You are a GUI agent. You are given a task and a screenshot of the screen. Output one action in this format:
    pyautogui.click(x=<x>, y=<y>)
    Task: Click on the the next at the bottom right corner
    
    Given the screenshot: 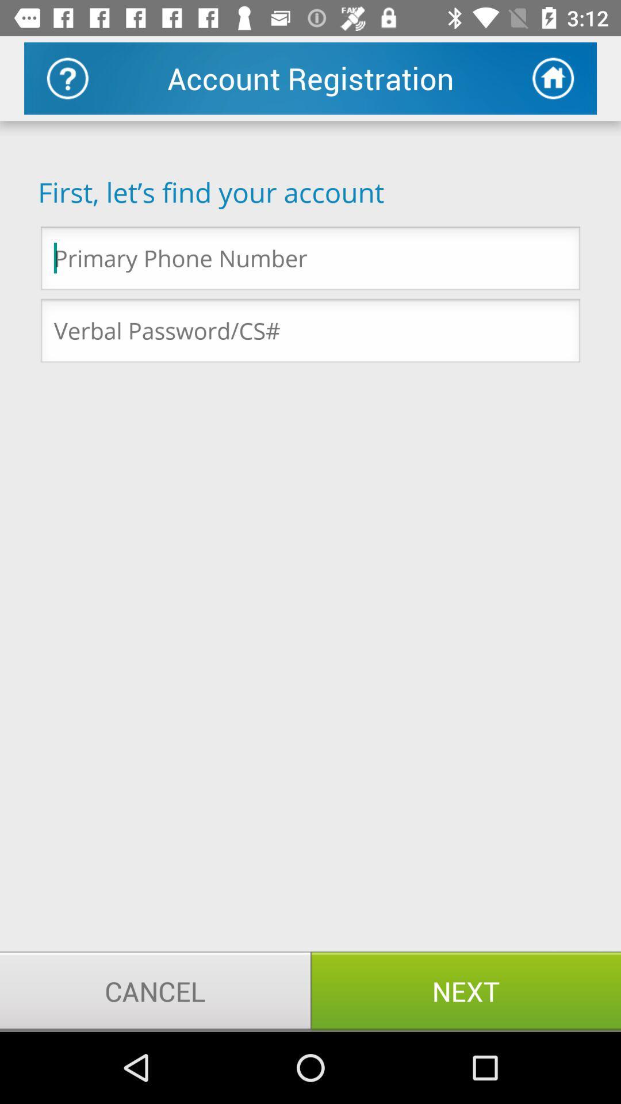 What is the action you would take?
    pyautogui.click(x=466, y=990)
    